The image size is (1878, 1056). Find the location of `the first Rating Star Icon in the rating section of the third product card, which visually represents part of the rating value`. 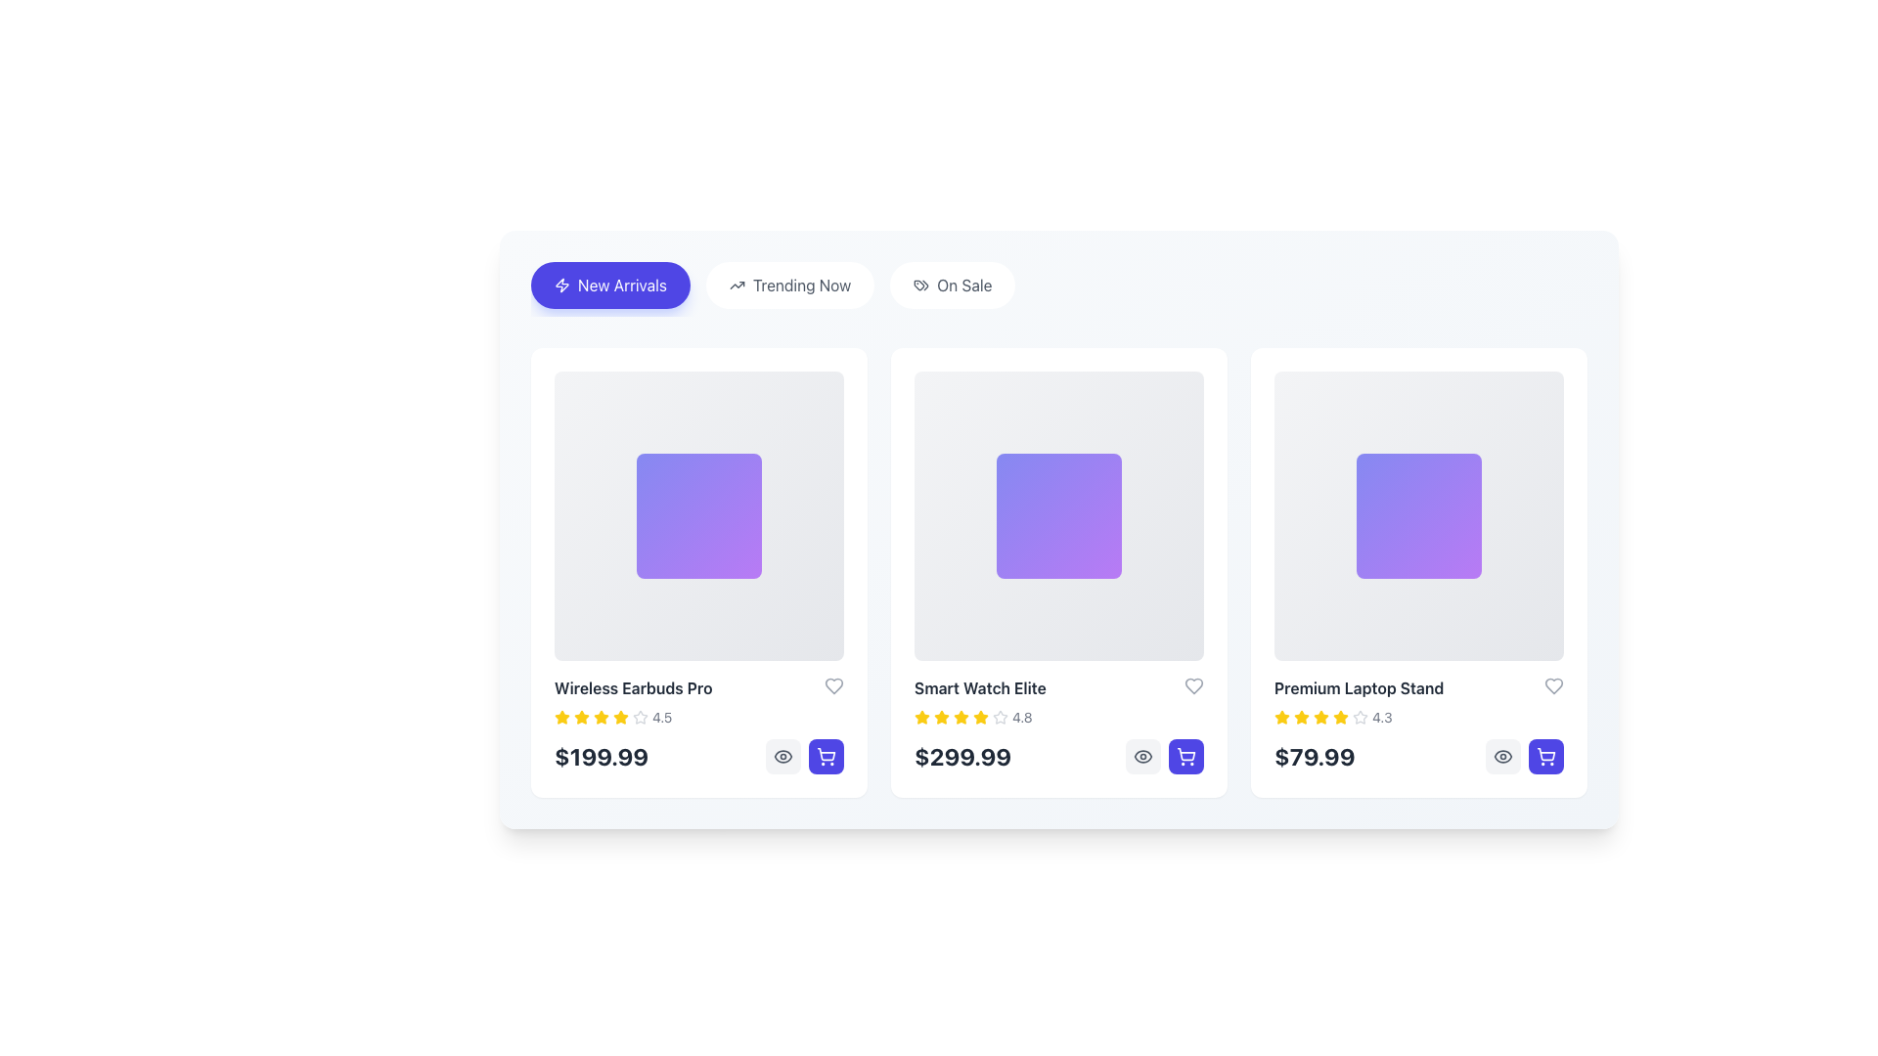

the first Rating Star Icon in the rating section of the third product card, which visually represents part of the rating value is located at coordinates (1281, 717).